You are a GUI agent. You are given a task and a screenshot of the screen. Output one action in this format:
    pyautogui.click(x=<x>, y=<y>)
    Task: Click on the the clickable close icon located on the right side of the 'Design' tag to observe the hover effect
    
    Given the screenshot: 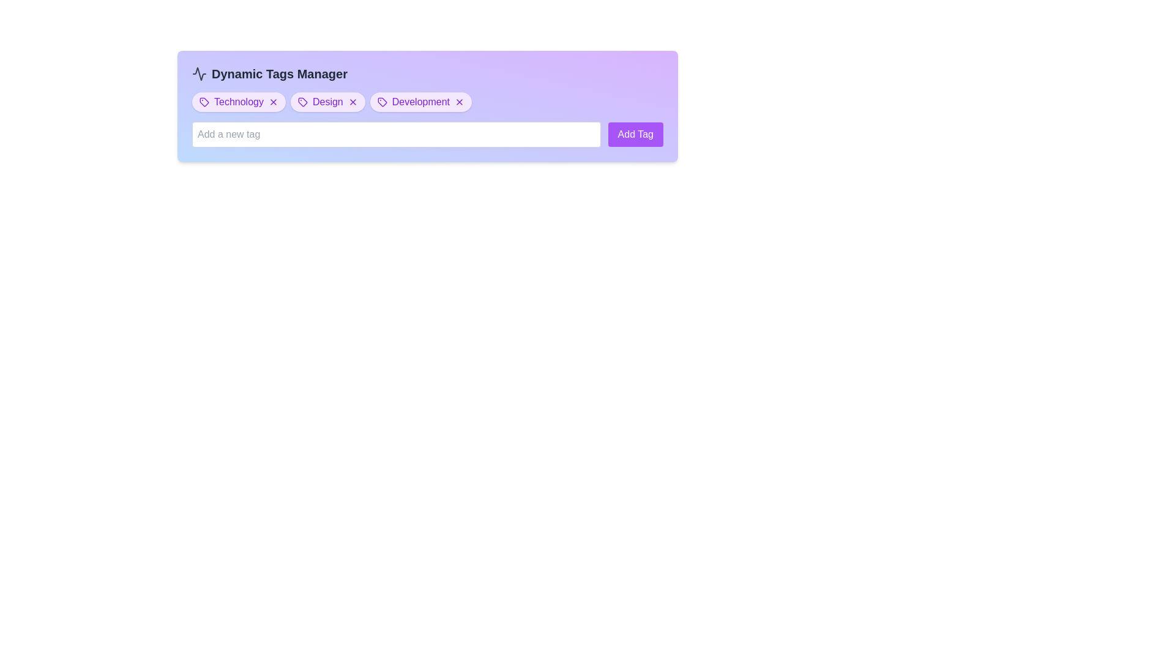 What is the action you would take?
    pyautogui.click(x=352, y=101)
    